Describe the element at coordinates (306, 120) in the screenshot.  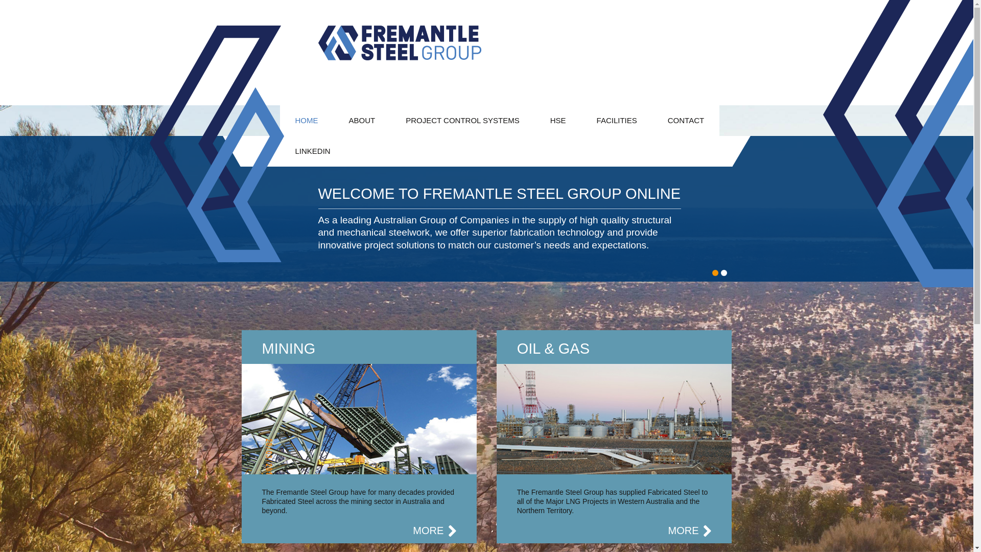
I see `'HOME'` at that location.